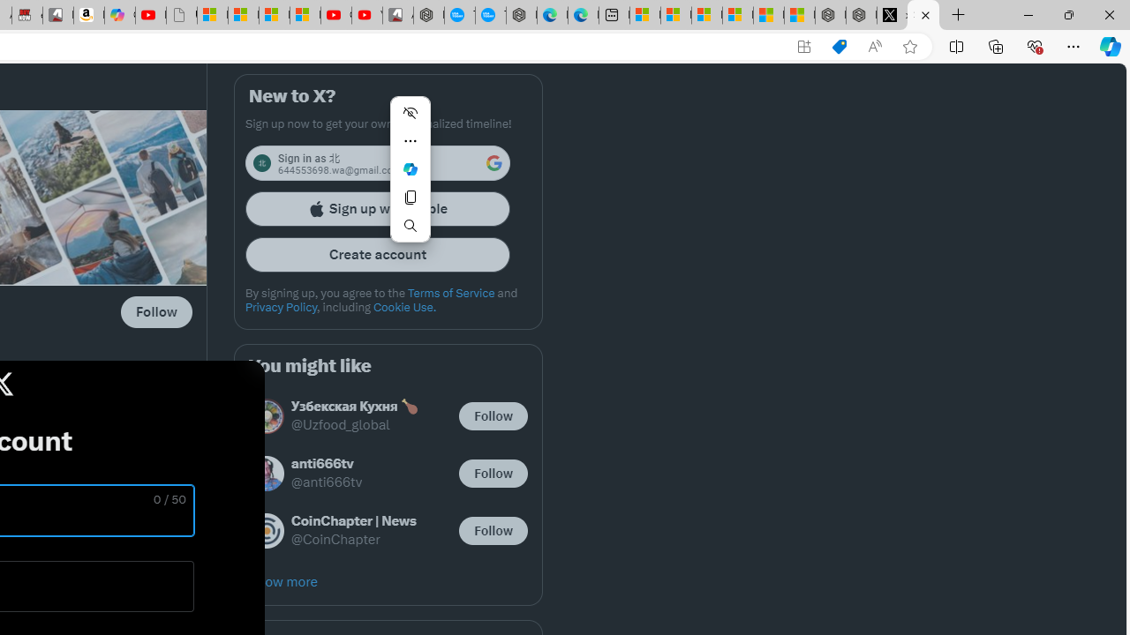 Image resolution: width=1130 pixels, height=635 pixels. What do you see at coordinates (119, 15) in the screenshot?
I see `'Copilot'` at bounding box center [119, 15].